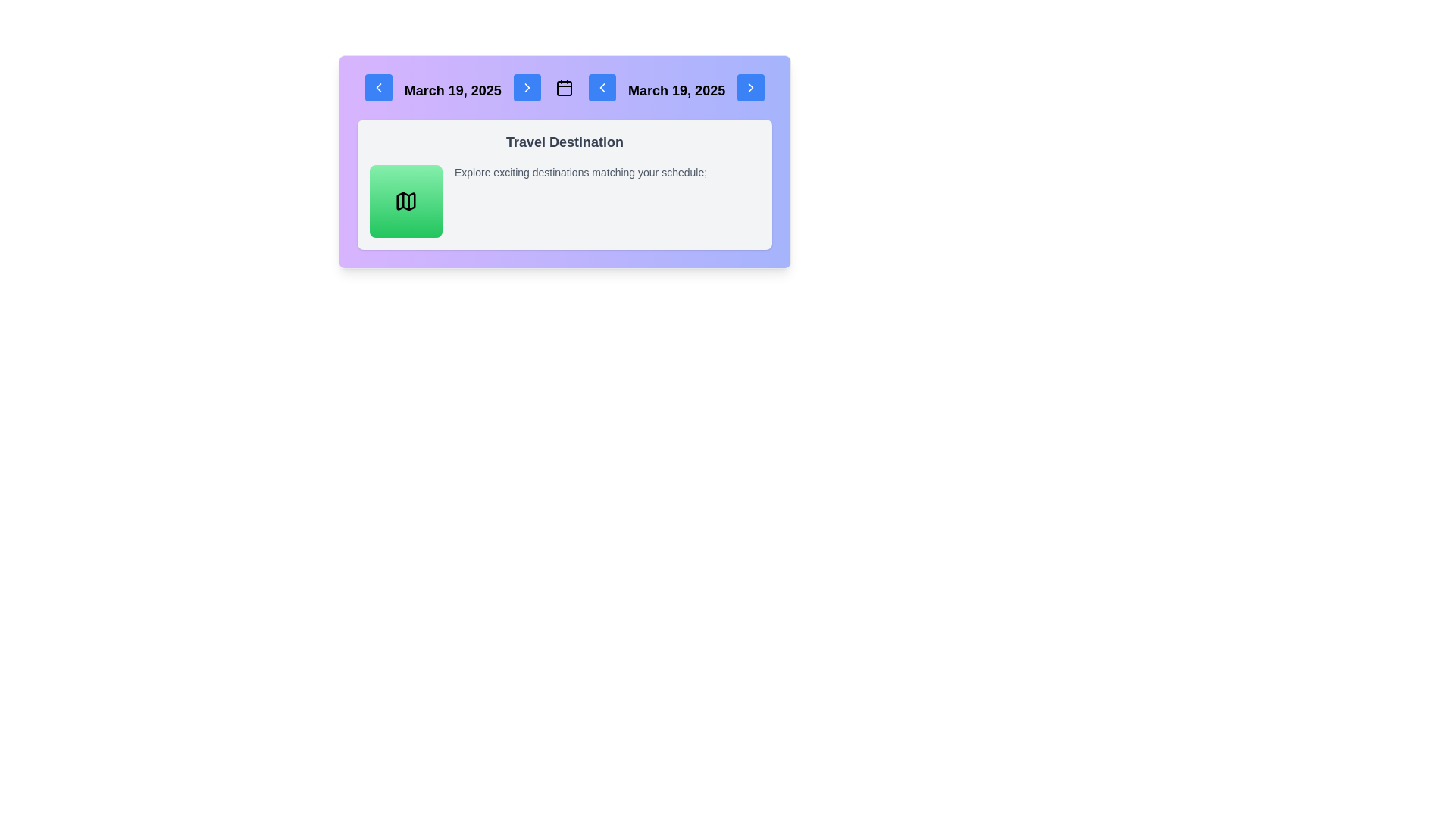 This screenshot has height=818, width=1455. What do you see at coordinates (452, 90) in the screenshot?
I see `the Text label displaying the current or selected date, which is prominently positioned at the top of the interface between navigation buttons` at bounding box center [452, 90].